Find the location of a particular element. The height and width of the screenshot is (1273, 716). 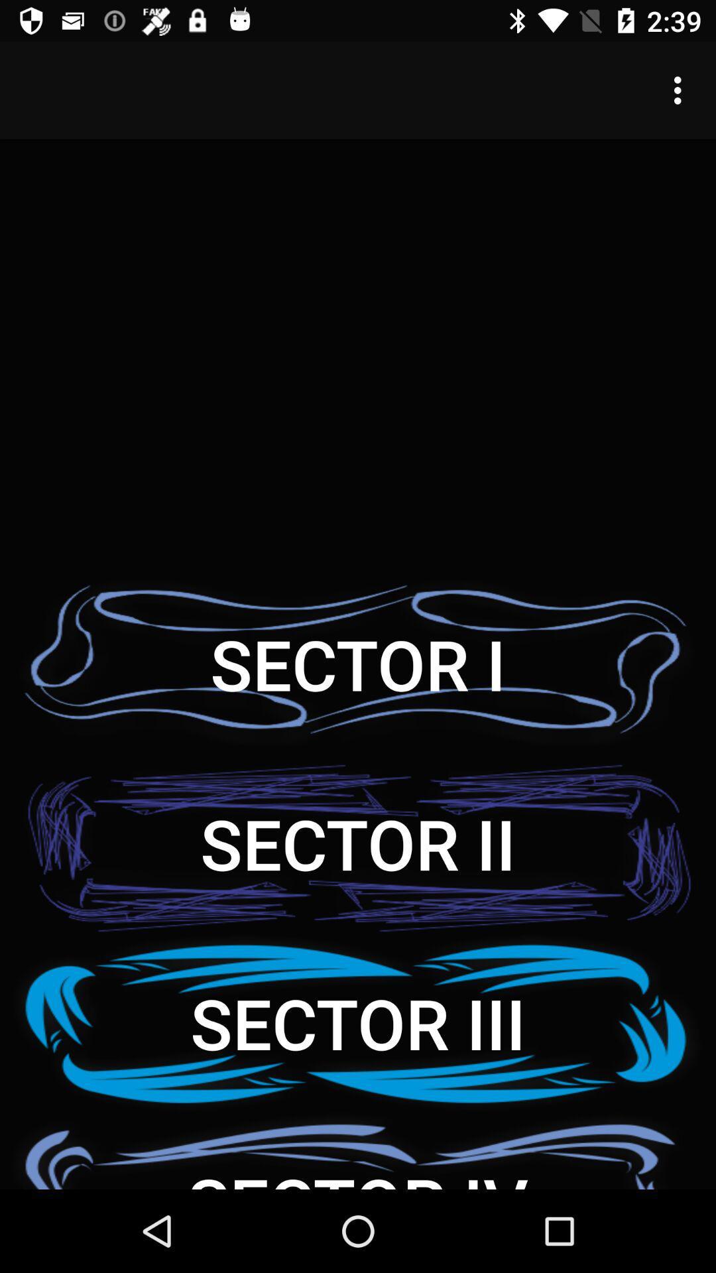

sector iii icon is located at coordinates (358, 1022).